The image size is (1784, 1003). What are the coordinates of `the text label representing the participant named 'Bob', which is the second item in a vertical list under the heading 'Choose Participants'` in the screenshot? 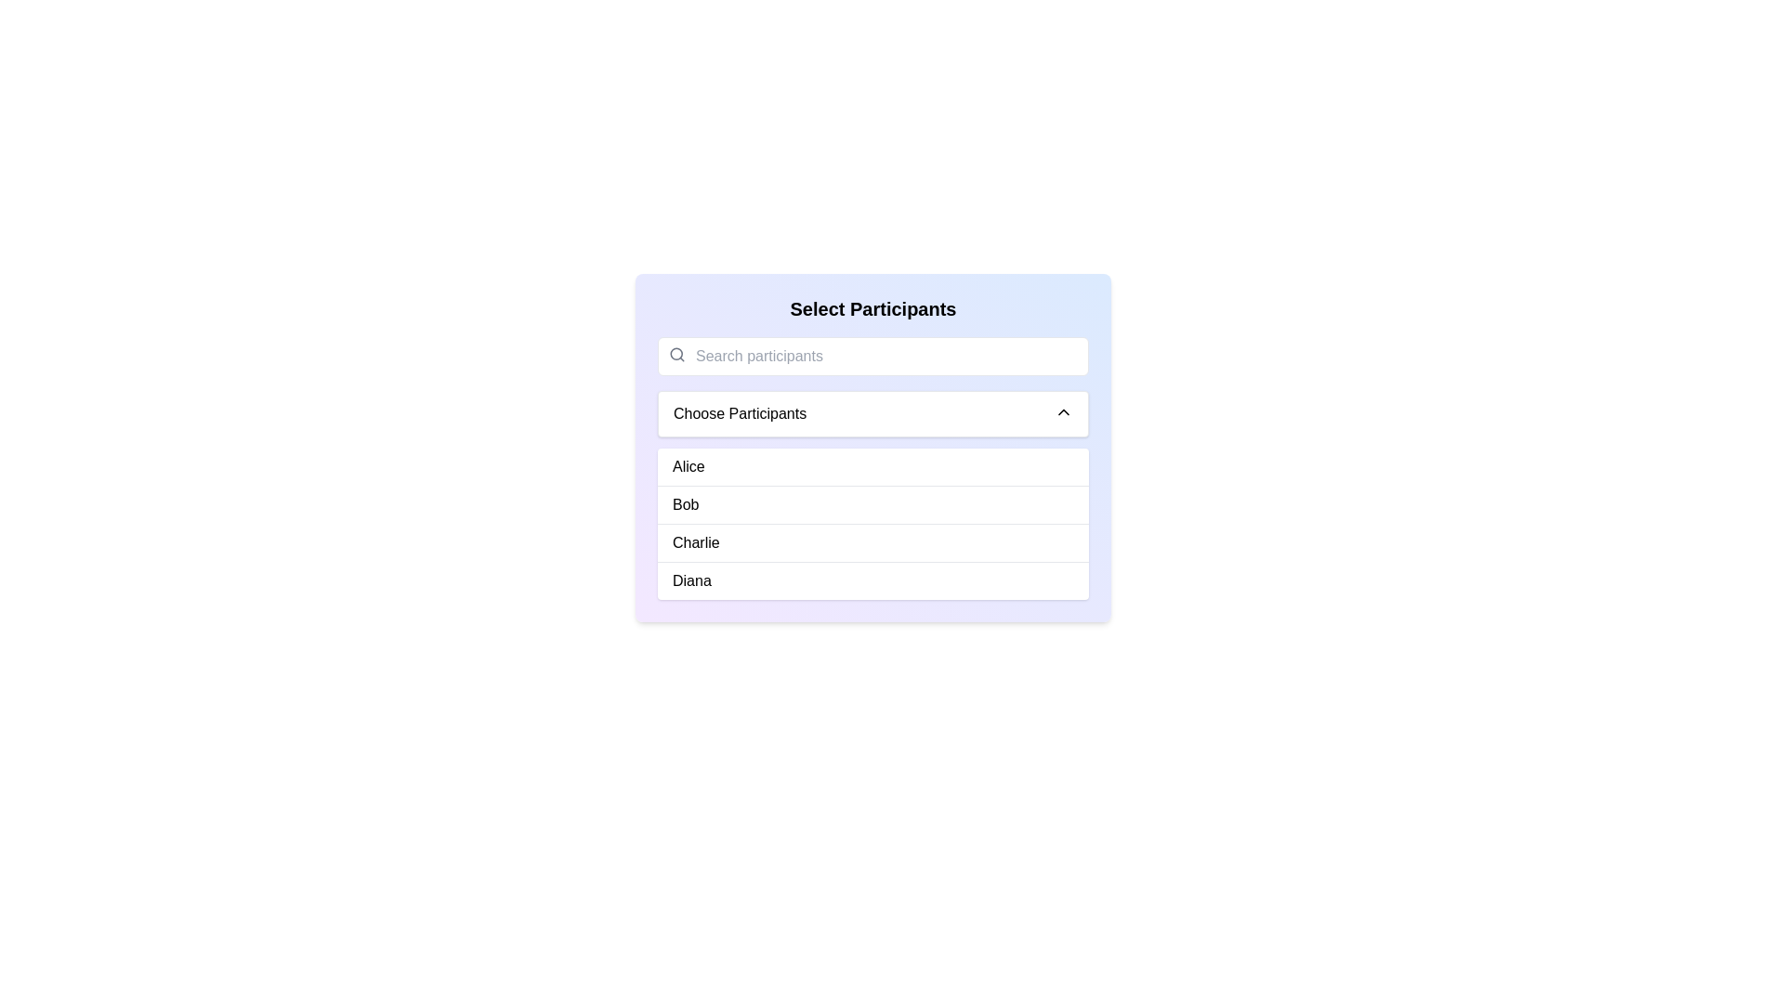 It's located at (685, 504).